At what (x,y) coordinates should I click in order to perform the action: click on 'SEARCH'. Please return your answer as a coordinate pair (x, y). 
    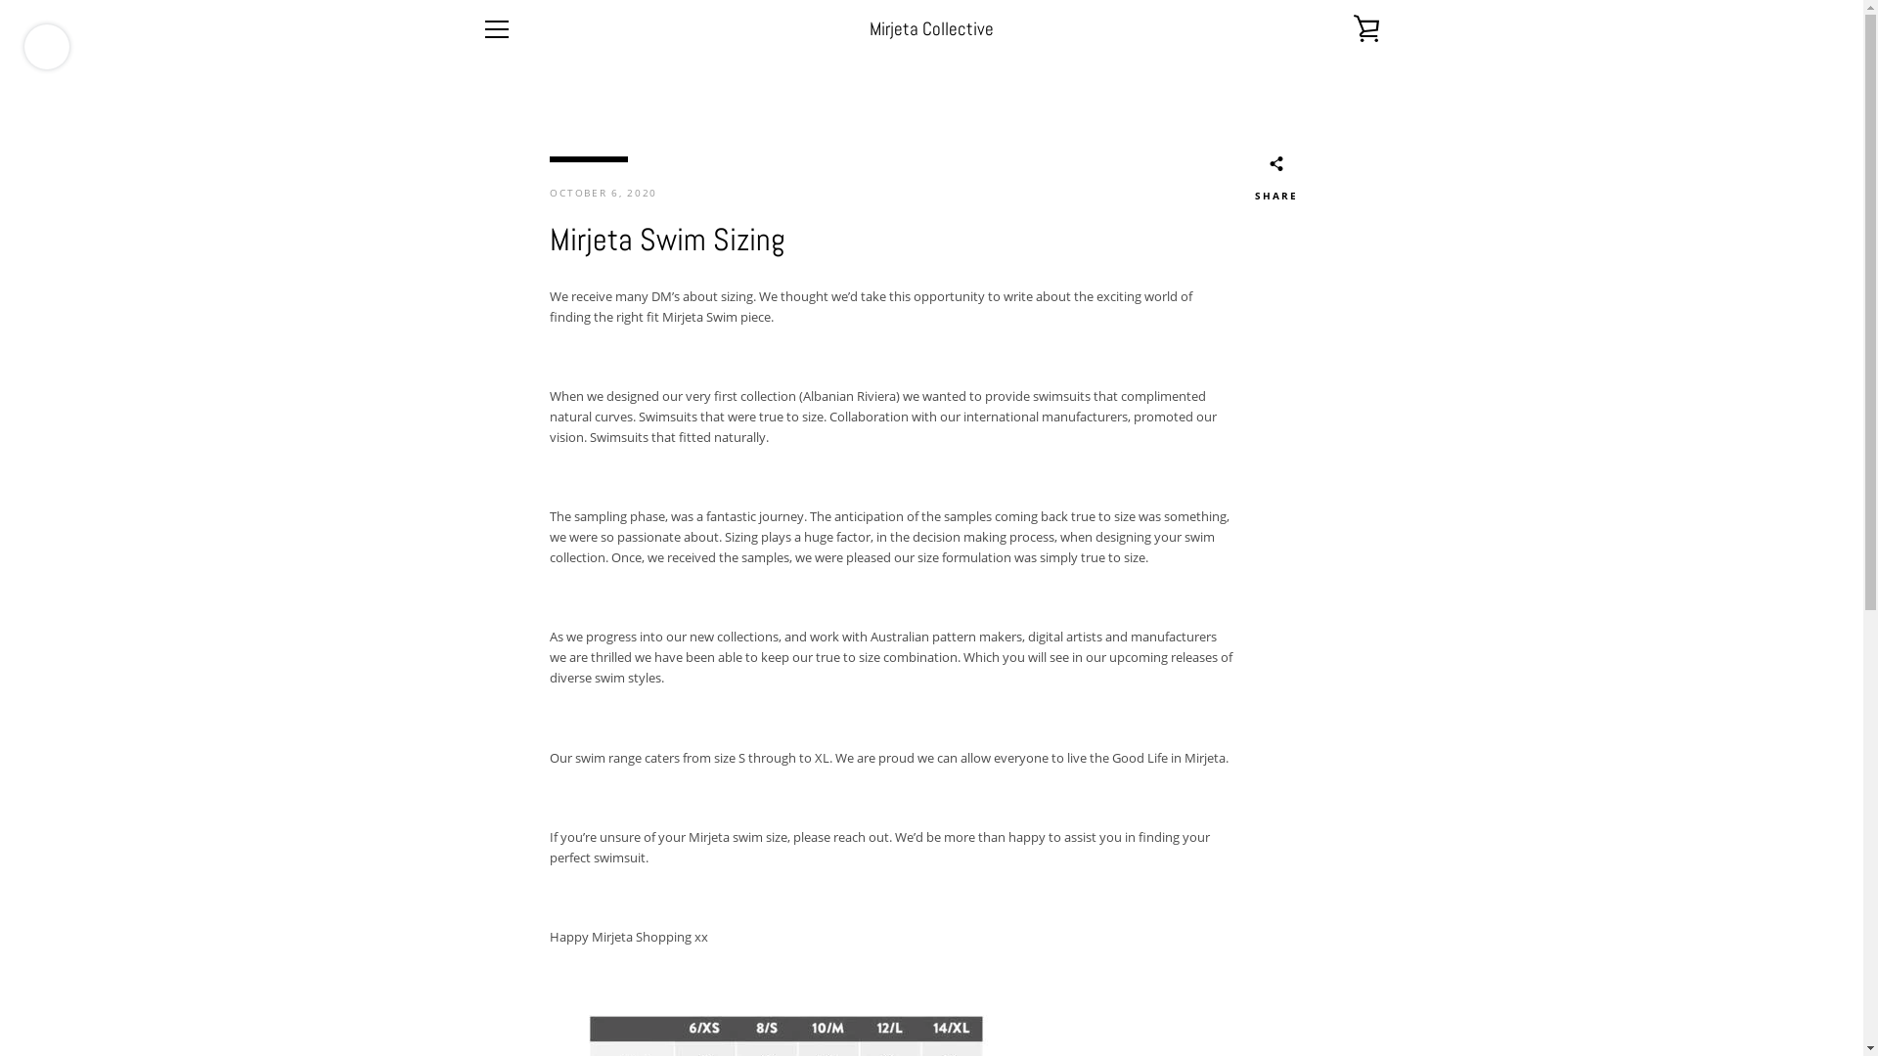
    Looking at the image, I should click on (503, 801).